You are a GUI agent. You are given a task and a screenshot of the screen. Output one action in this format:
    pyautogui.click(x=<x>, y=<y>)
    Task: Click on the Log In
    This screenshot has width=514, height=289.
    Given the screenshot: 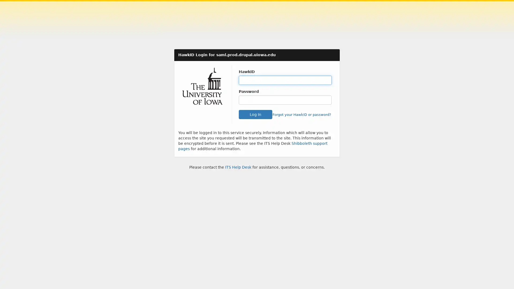 What is the action you would take?
    pyautogui.click(x=255, y=114)
    